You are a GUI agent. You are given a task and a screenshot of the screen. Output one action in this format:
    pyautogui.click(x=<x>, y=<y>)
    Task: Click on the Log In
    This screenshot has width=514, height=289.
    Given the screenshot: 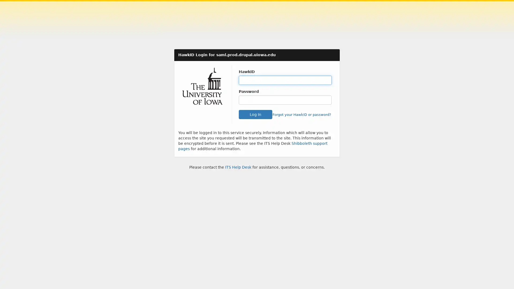 What is the action you would take?
    pyautogui.click(x=255, y=114)
    